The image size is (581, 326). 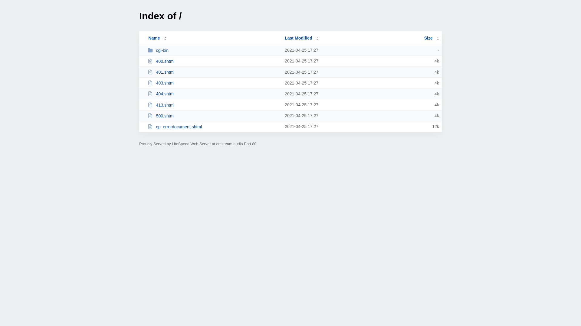 What do you see at coordinates (148, 94) in the screenshot?
I see `'404.shtml'` at bounding box center [148, 94].